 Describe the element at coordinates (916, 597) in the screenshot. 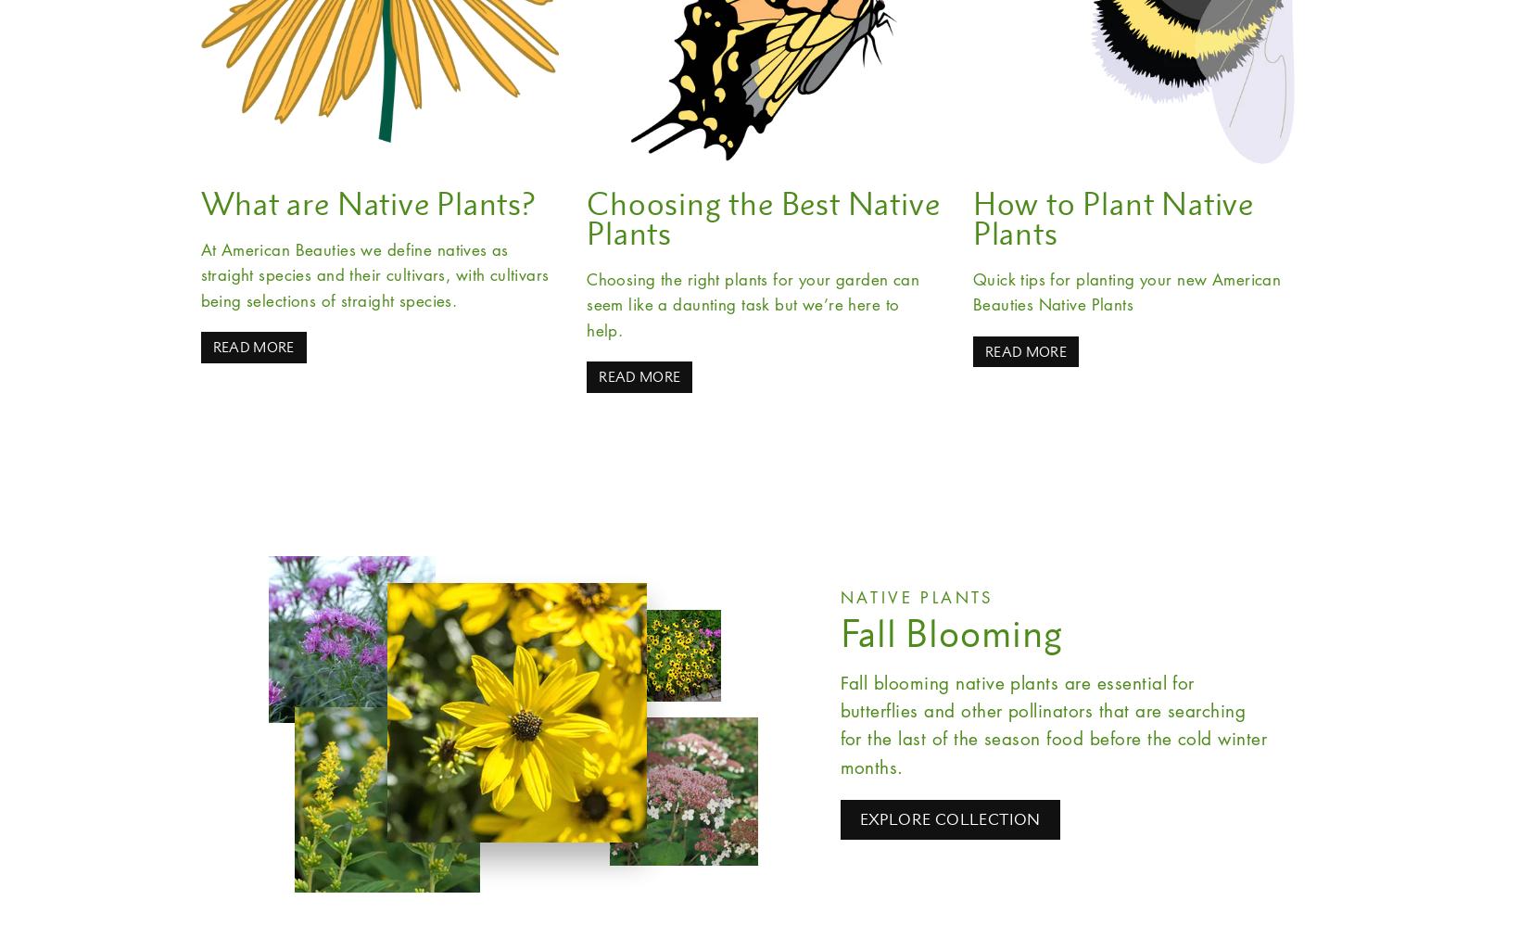

I see `'NATIVE PLANTS'` at that location.